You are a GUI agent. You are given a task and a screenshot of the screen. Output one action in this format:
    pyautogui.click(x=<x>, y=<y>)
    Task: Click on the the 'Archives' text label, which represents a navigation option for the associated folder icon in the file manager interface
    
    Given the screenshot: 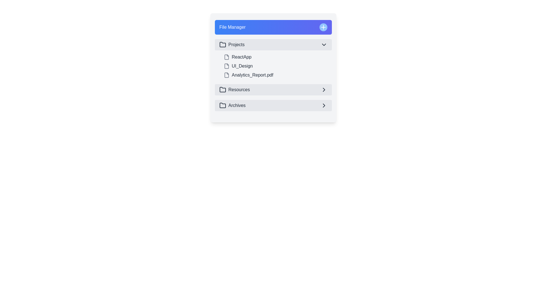 What is the action you would take?
    pyautogui.click(x=237, y=105)
    